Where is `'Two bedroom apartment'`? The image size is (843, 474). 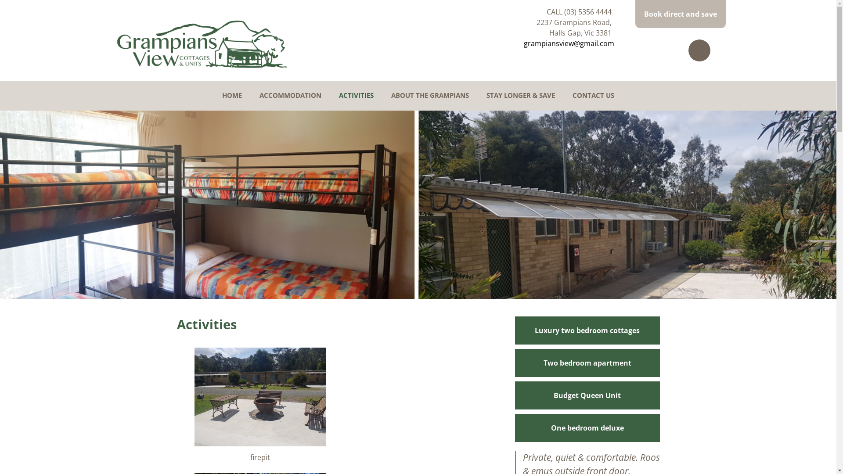
'Two bedroom apartment' is located at coordinates (587, 362).